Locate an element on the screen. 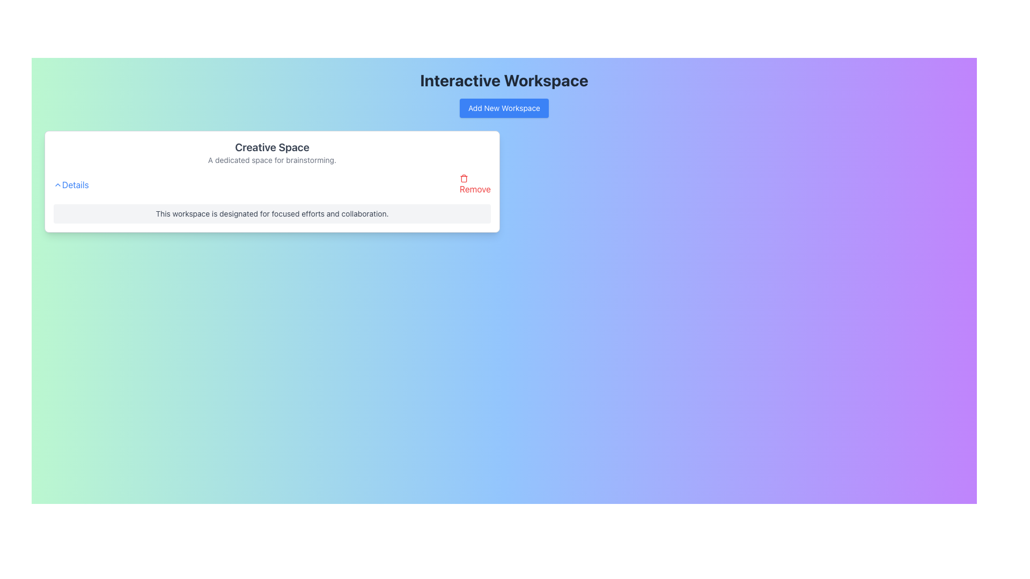 This screenshot has width=1030, height=579. the upward-pointing chevron icon located immediately left of the text 'Details' in the top-left corner of the card containing 'Creative Space' information is located at coordinates (57, 184).